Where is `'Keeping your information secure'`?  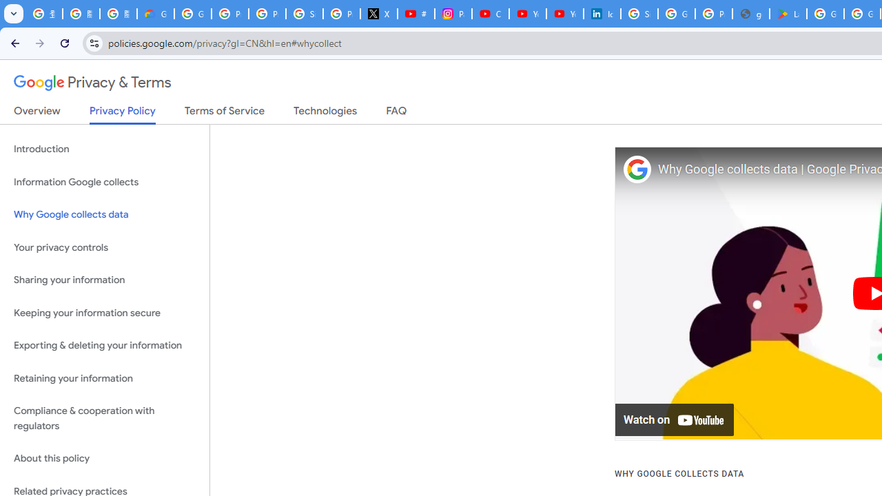
'Keeping your information secure' is located at coordinates (104, 313).